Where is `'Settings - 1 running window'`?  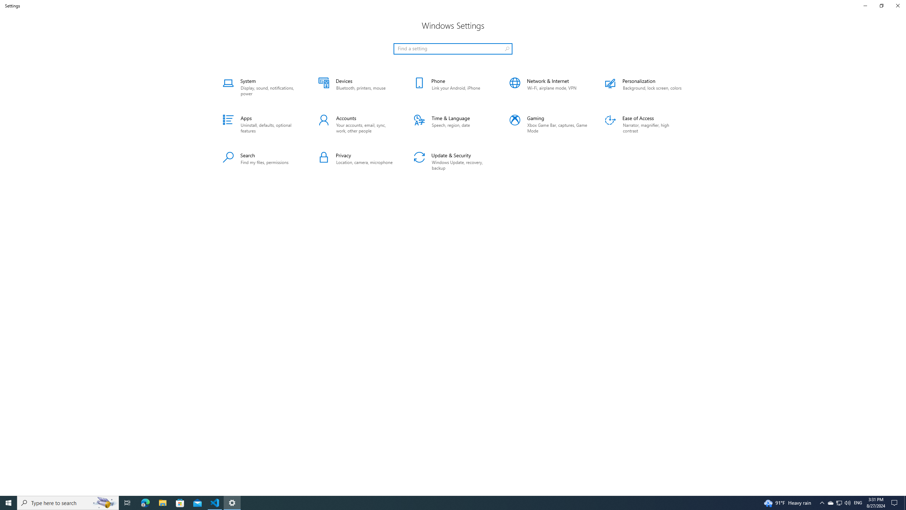
'Settings - 1 running window' is located at coordinates (232, 502).